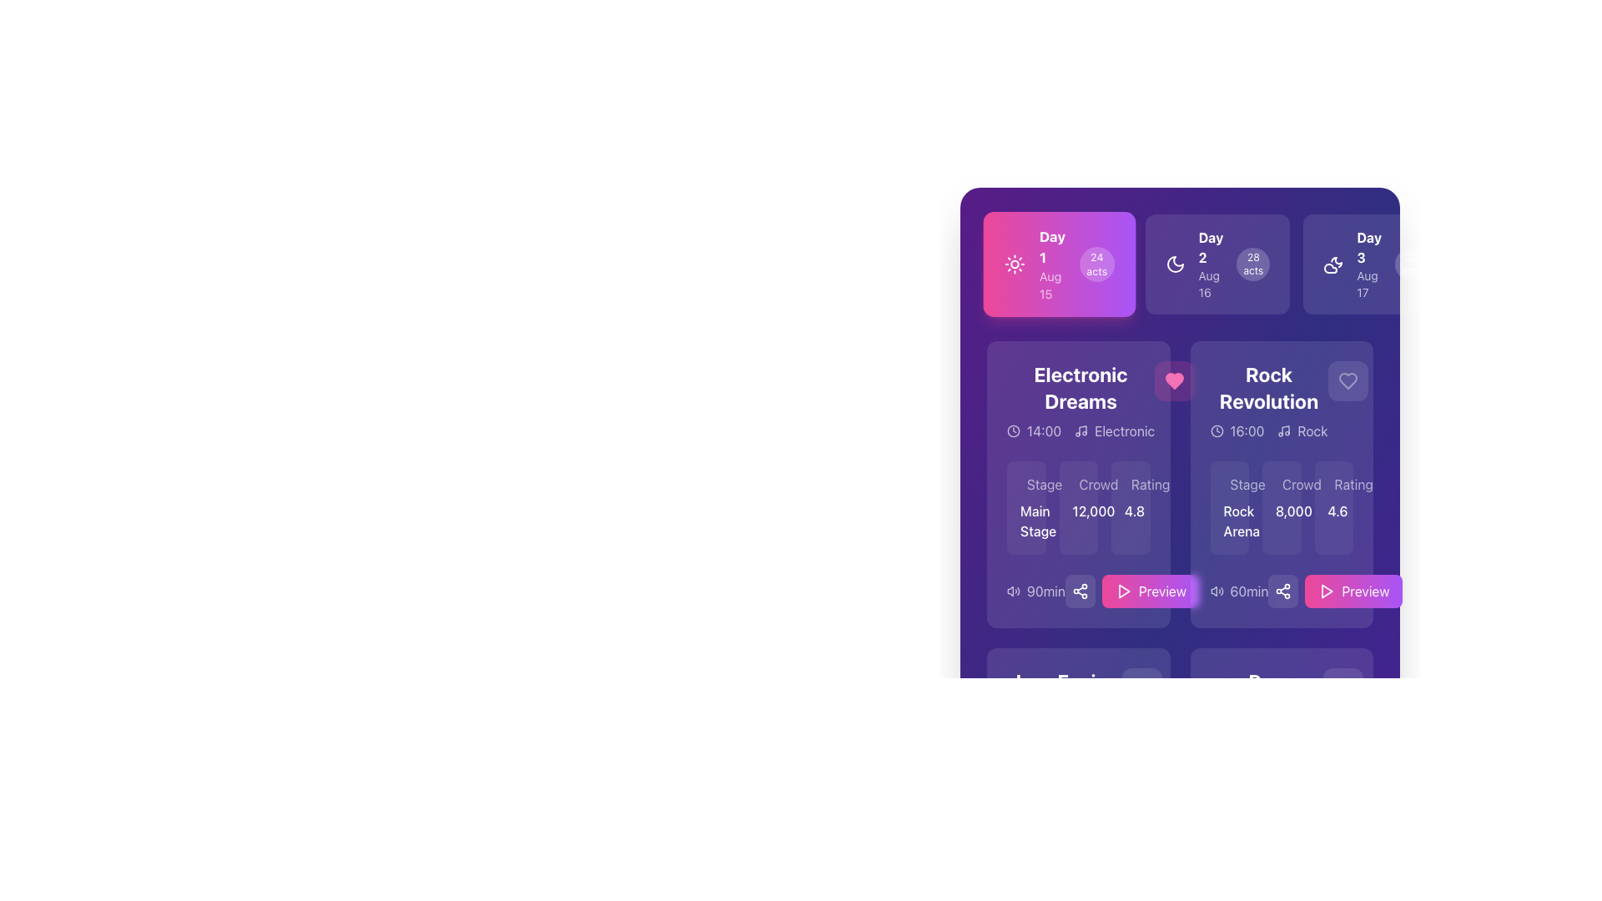  Describe the element at coordinates (1301, 790) in the screenshot. I see `the 'Crowd' text label` at that location.